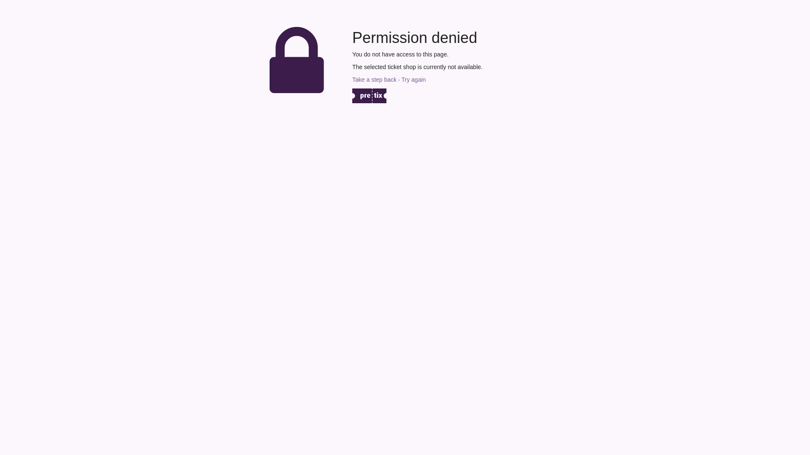 This screenshot has height=455, width=810. I want to click on 'Take a step back', so click(374, 80).